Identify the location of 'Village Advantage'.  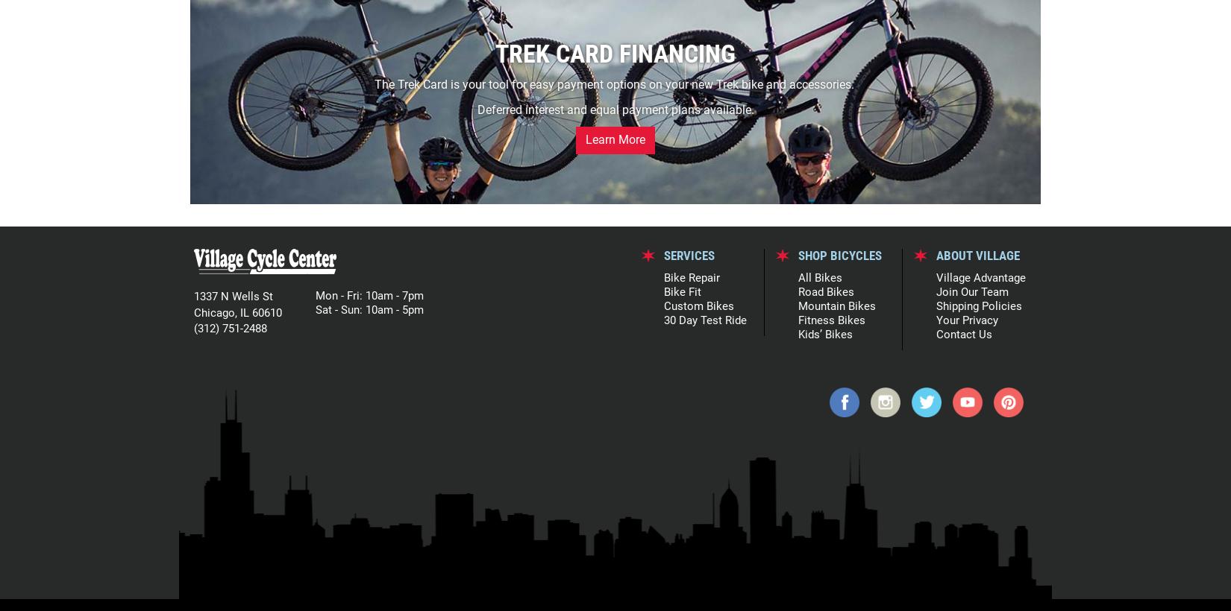
(935, 277).